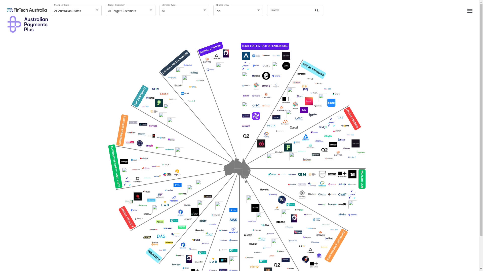  Describe the element at coordinates (312, 115) in the screenshot. I see `'Campaignagent'` at that location.